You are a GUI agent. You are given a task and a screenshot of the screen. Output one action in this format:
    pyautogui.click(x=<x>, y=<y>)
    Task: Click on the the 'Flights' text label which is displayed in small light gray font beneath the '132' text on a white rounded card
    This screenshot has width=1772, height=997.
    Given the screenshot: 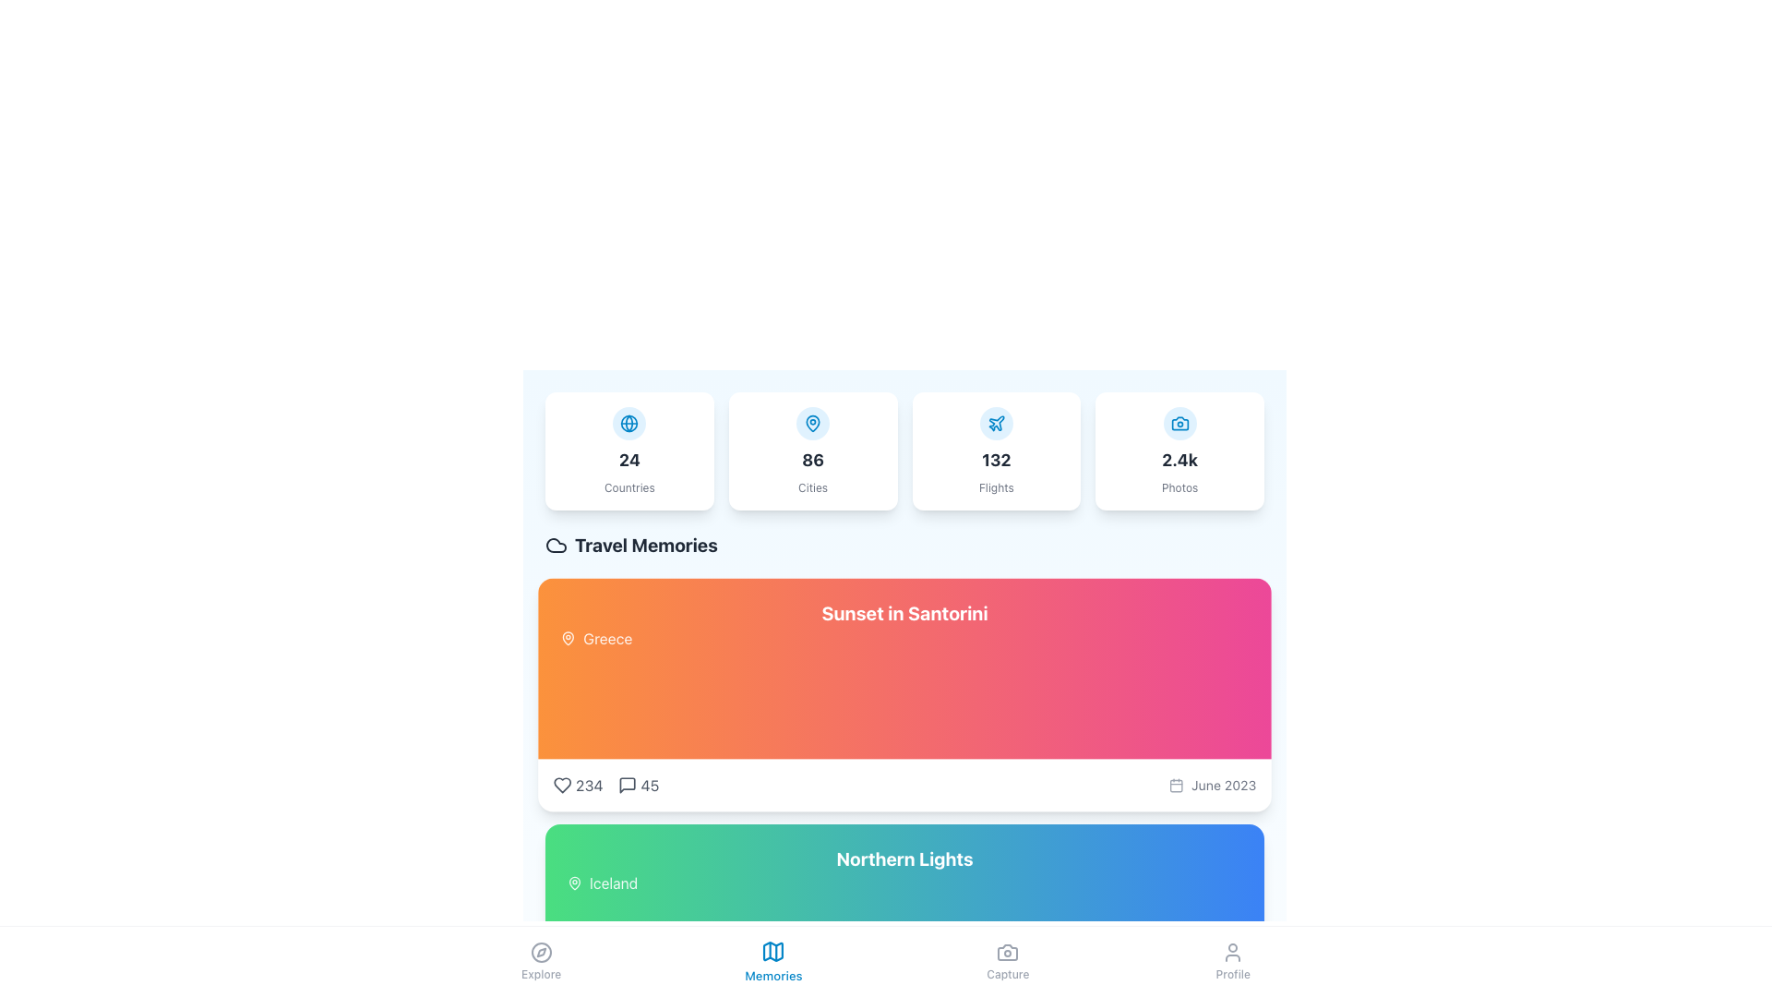 What is the action you would take?
    pyautogui.click(x=995, y=486)
    